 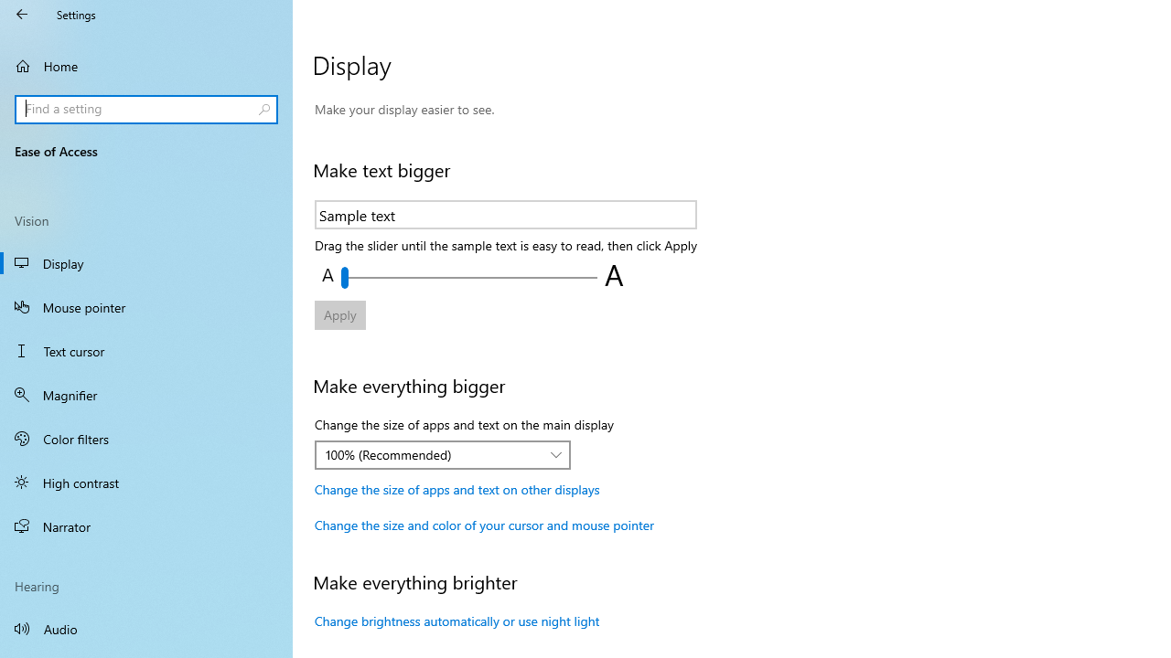 I want to click on 'Change the size of apps and text on other displays', so click(x=457, y=488).